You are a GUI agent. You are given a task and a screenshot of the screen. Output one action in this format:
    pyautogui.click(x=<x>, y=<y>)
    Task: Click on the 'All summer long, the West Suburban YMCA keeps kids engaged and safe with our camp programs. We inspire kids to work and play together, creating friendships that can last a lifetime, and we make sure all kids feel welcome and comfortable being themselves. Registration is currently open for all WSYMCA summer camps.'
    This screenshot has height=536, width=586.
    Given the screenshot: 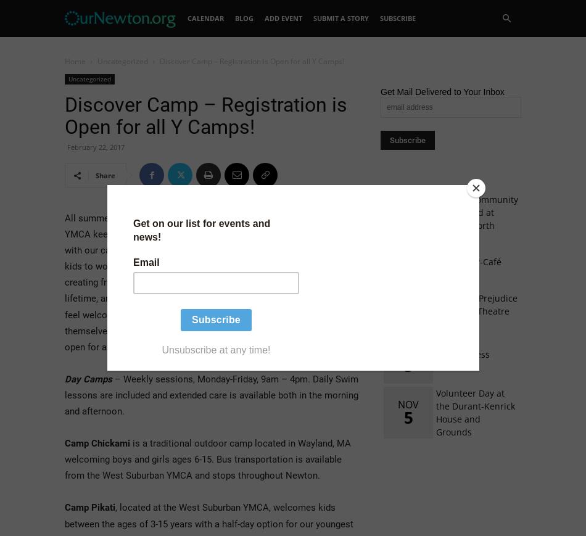 What is the action you would take?
    pyautogui.click(x=64, y=282)
    